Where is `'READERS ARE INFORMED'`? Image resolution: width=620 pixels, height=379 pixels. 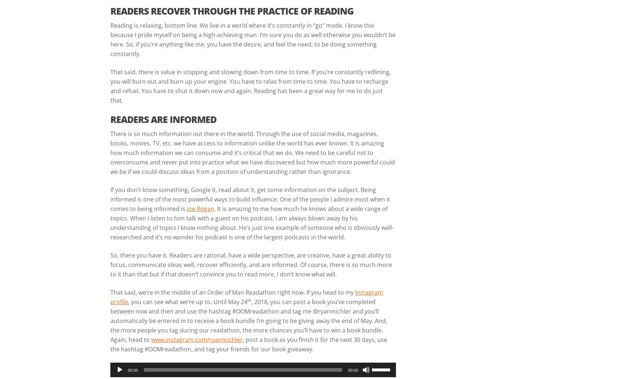 'READERS ARE INFORMED' is located at coordinates (163, 119).